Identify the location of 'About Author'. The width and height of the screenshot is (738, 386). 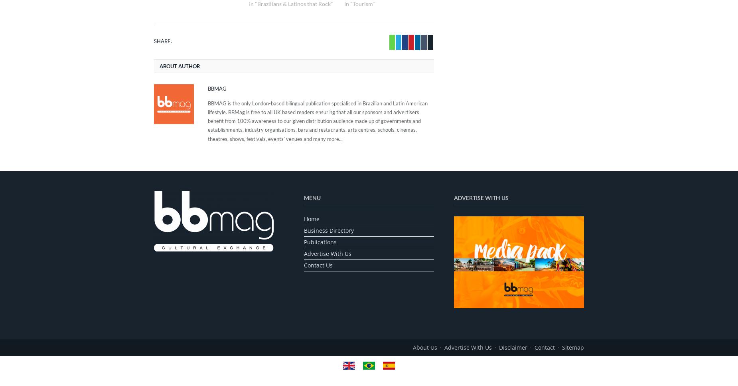
(180, 66).